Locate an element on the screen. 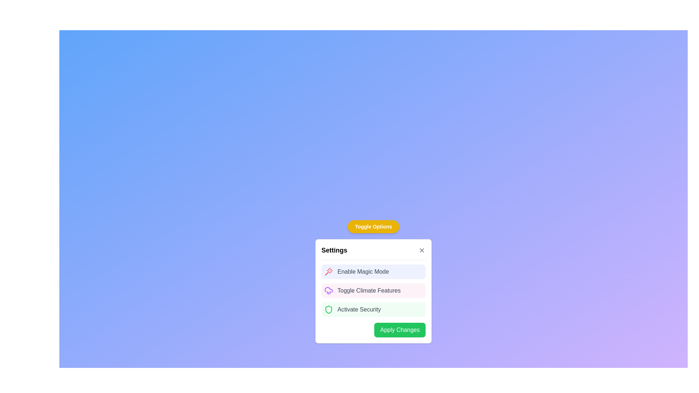  the bright yellow 'Toggle Options' button with white bold text is located at coordinates (374, 226).